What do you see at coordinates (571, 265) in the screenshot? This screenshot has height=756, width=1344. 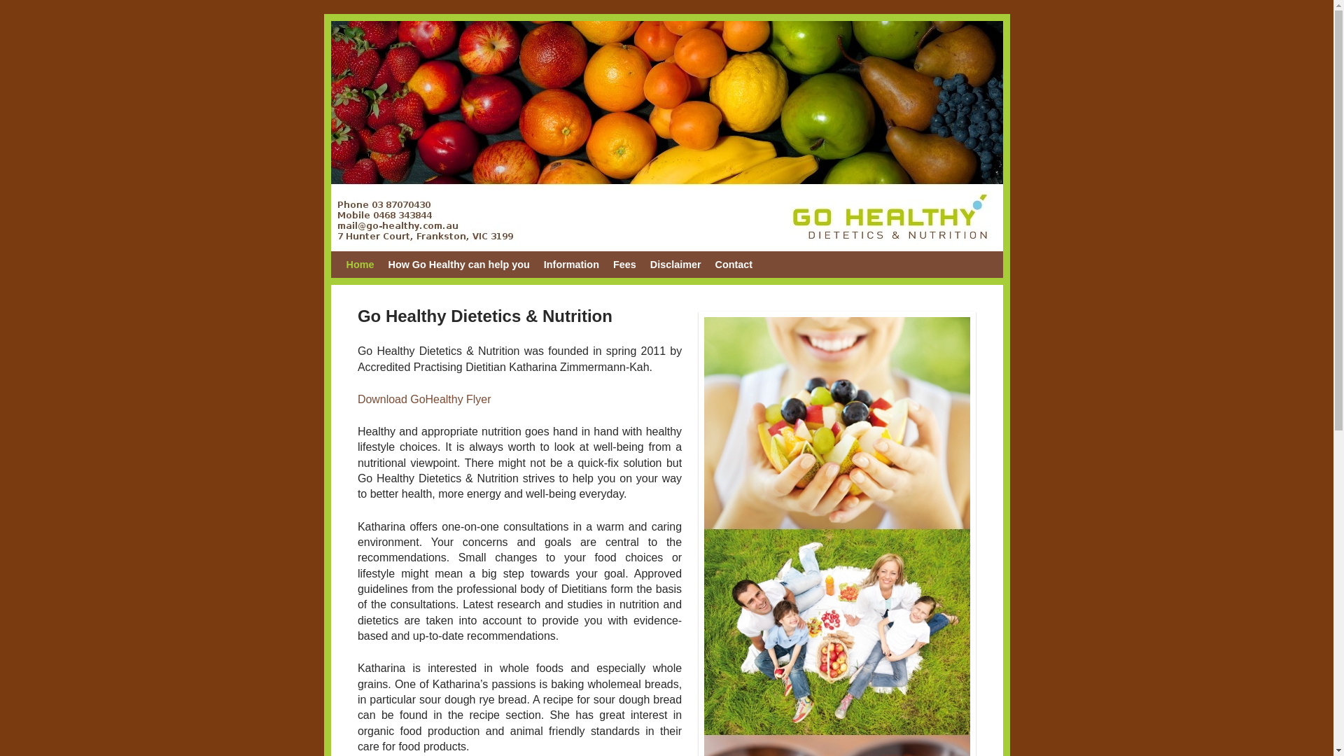 I see `'Information'` at bounding box center [571, 265].